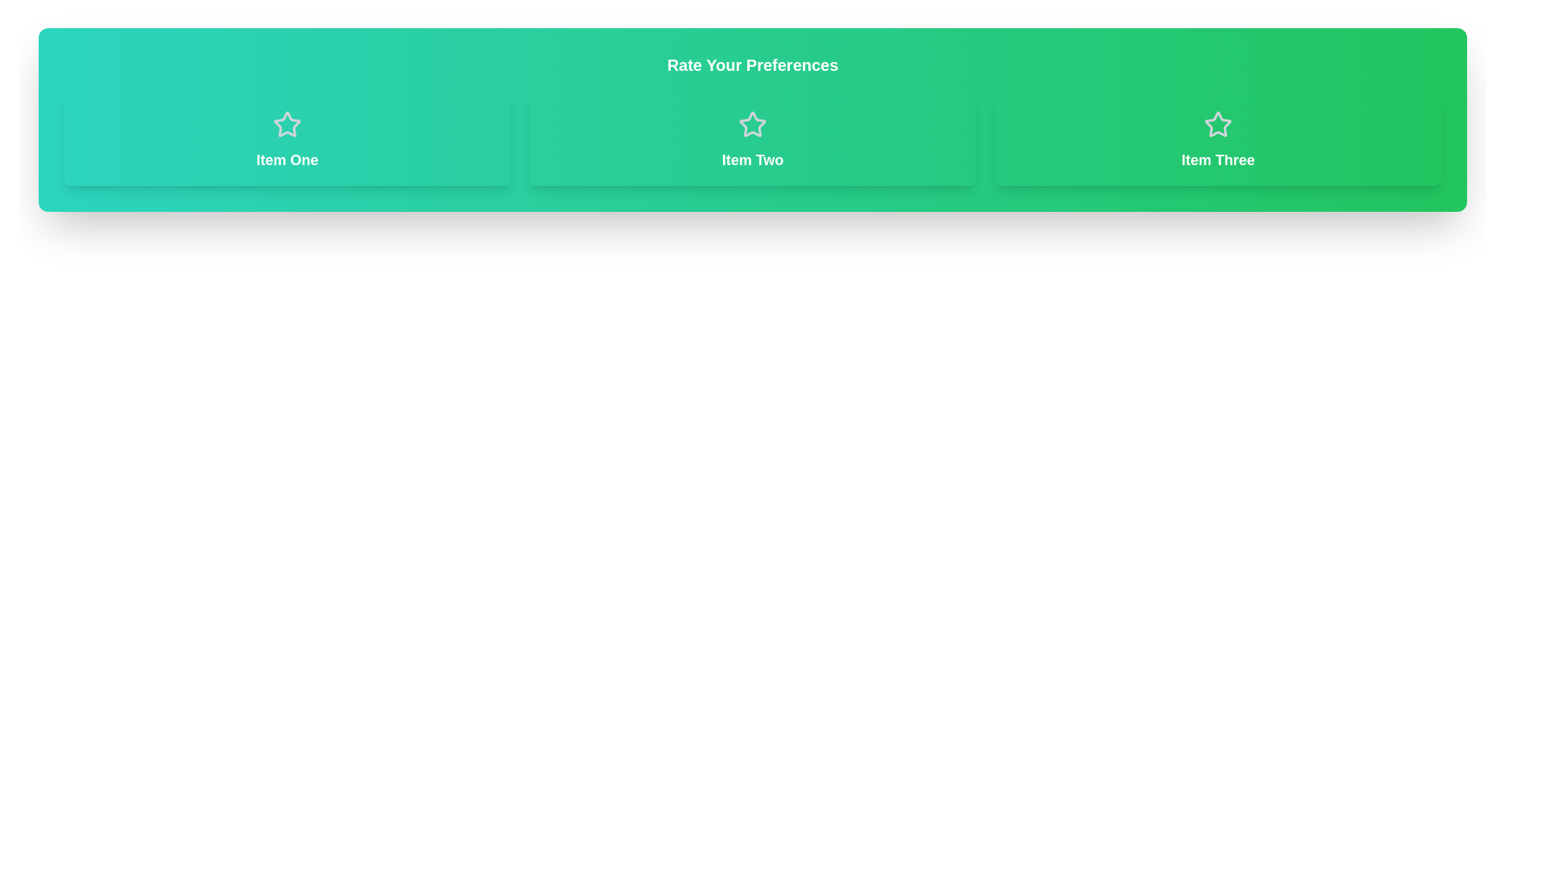 This screenshot has height=870, width=1546. I want to click on the star icon for Item Three, so click(1217, 123).